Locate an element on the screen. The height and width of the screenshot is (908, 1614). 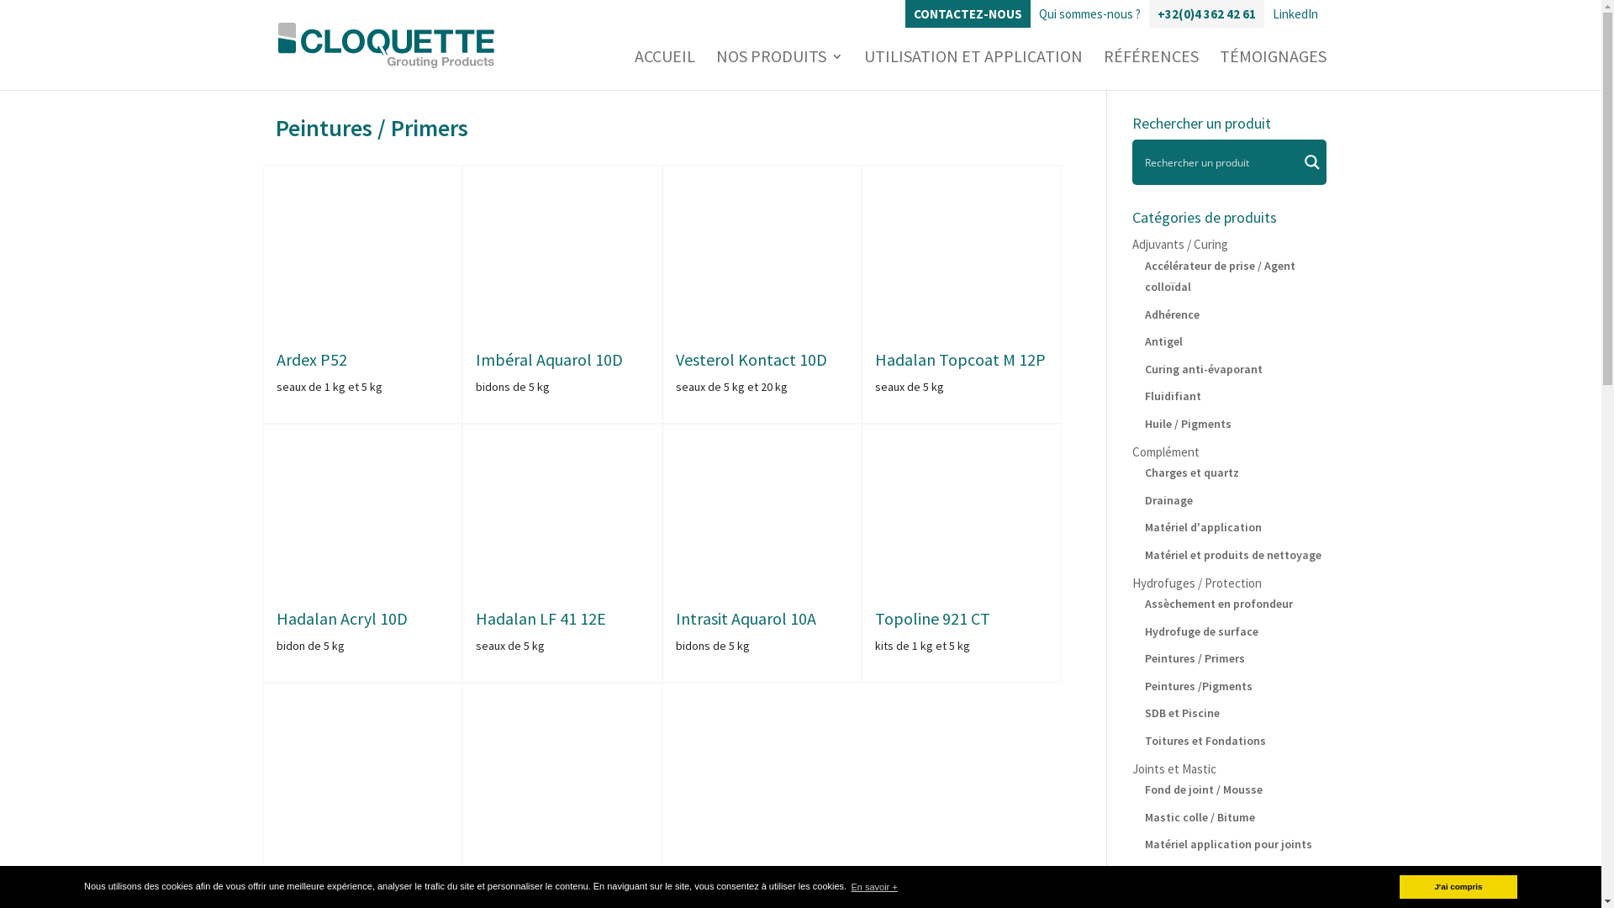
'CONTACTEZ-NOUS' is located at coordinates (967, 13).